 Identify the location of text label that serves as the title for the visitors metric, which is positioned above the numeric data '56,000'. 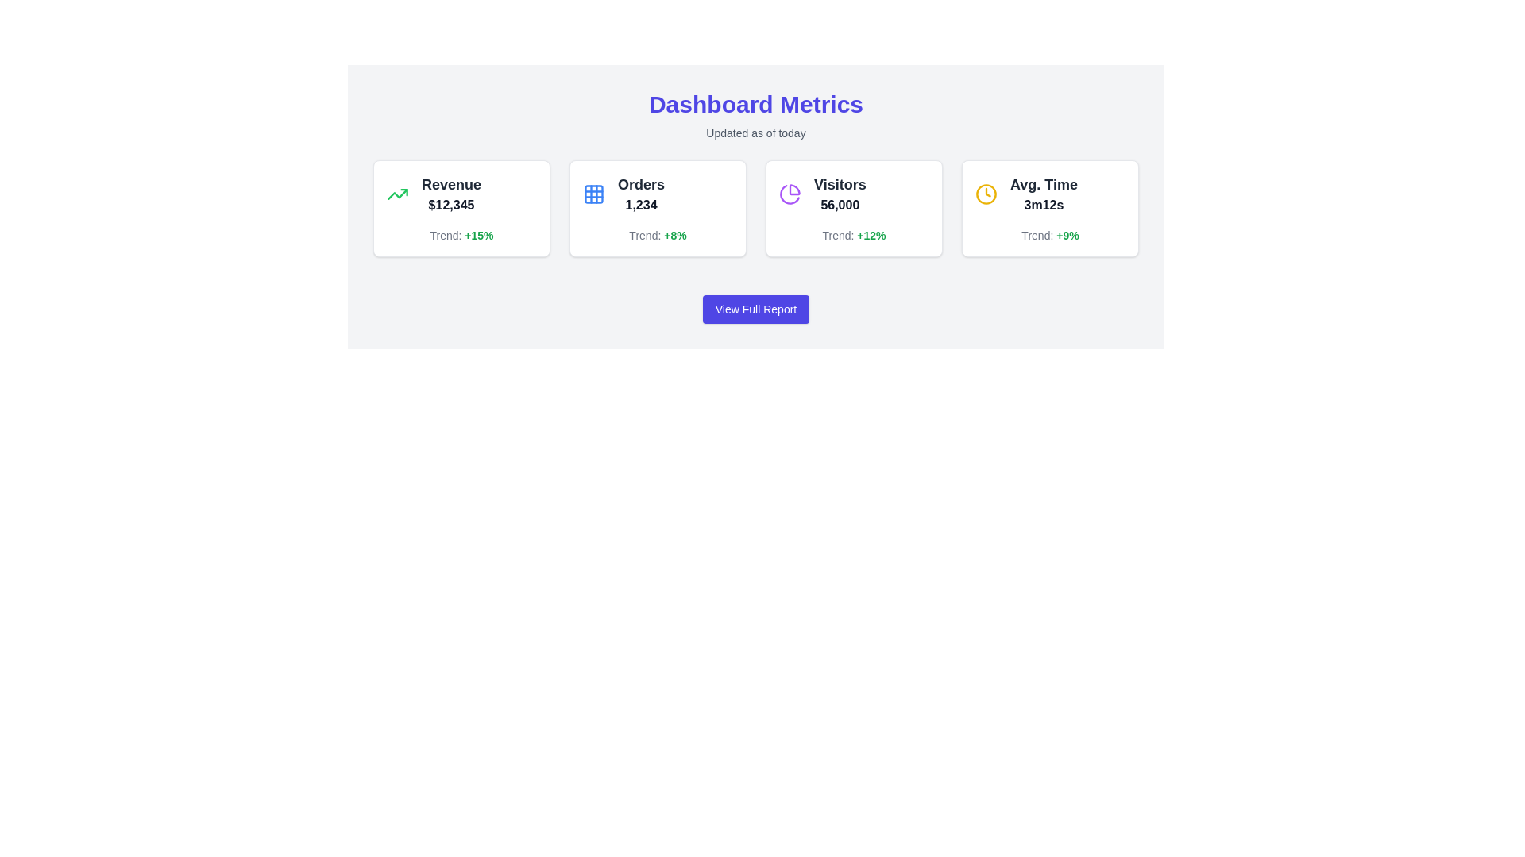
(839, 183).